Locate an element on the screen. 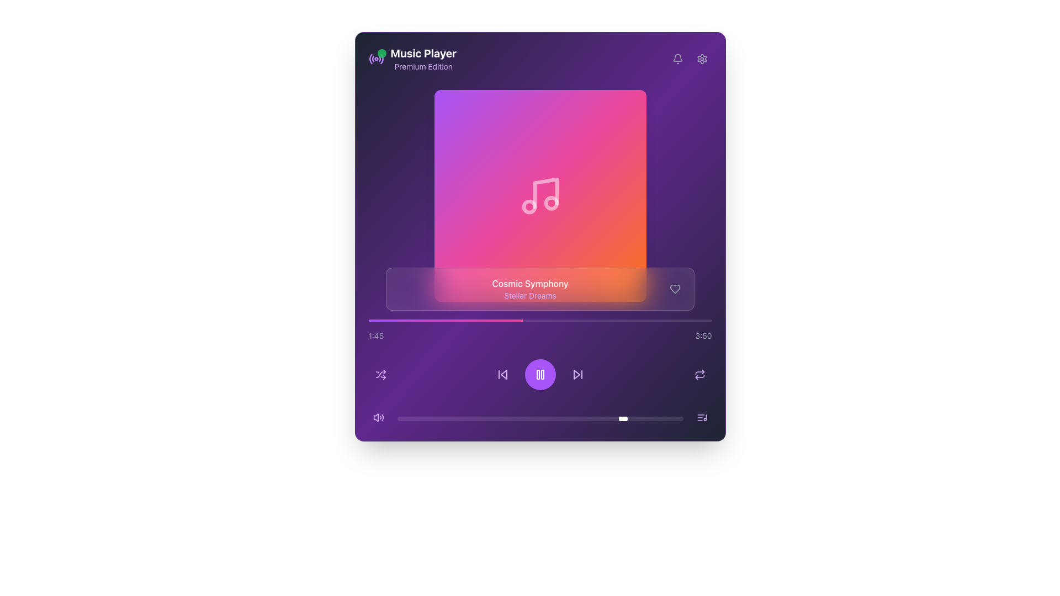 The image size is (1060, 596). the non-interactive Text Display that shows the title and artist name of an audio track, located centrally below the album cover artwork is located at coordinates (530, 289).